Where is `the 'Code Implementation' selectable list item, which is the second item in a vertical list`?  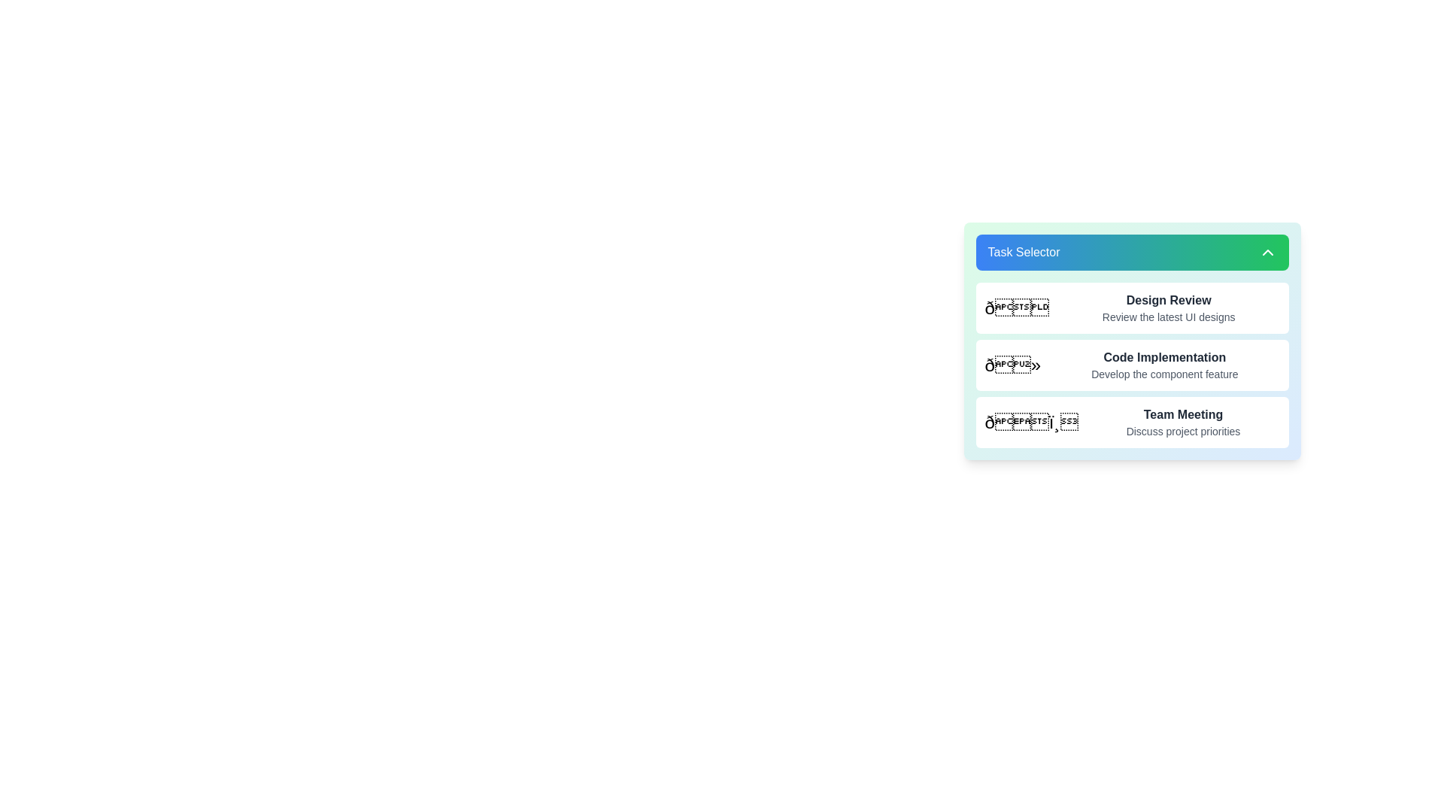
the 'Code Implementation' selectable list item, which is the second item in a vertical list is located at coordinates (1132, 365).